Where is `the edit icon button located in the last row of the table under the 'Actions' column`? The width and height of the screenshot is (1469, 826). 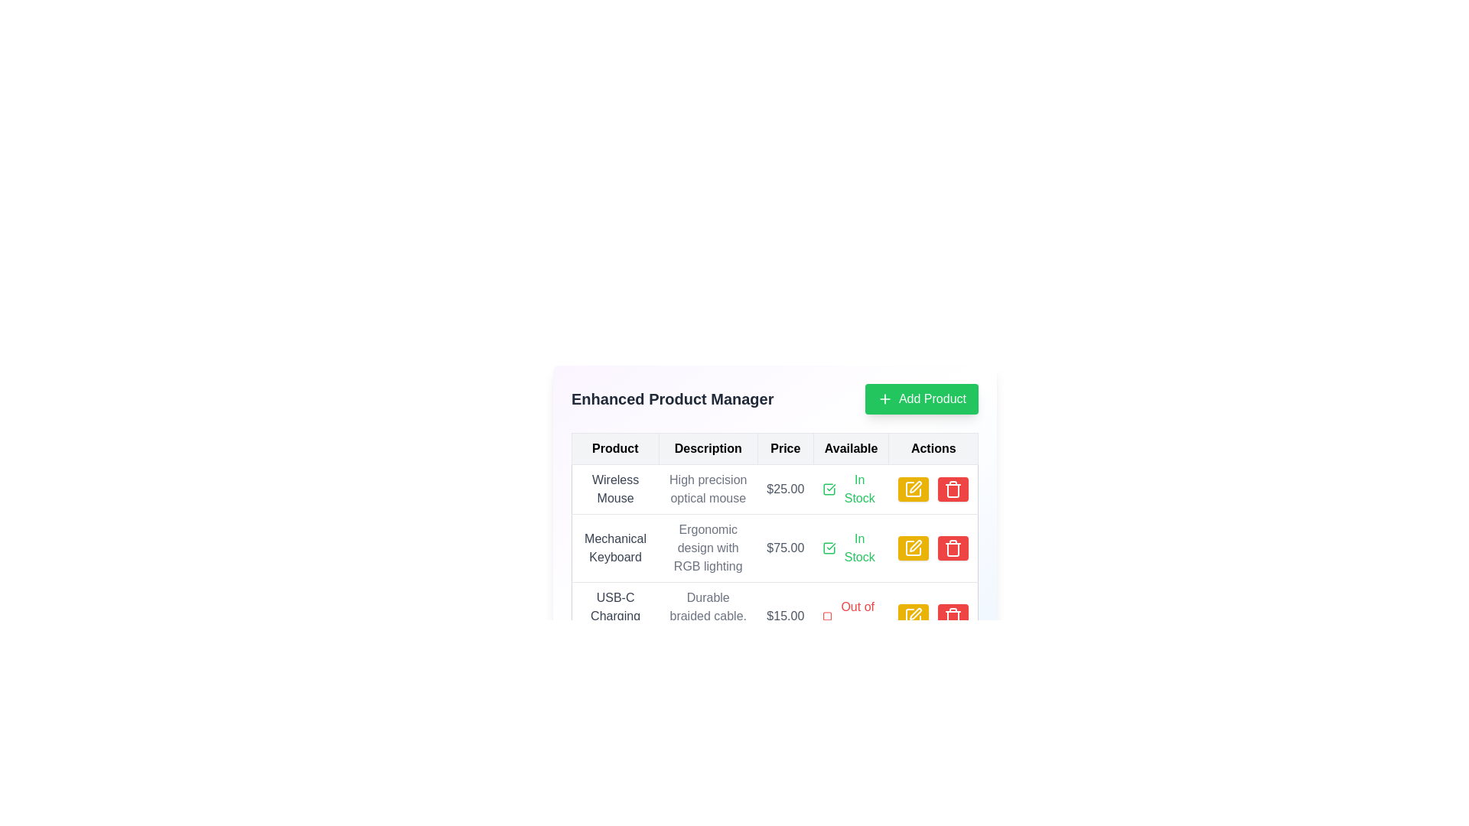 the edit icon button located in the last row of the table under the 'Actions' column is located at coordinates (914, 616).